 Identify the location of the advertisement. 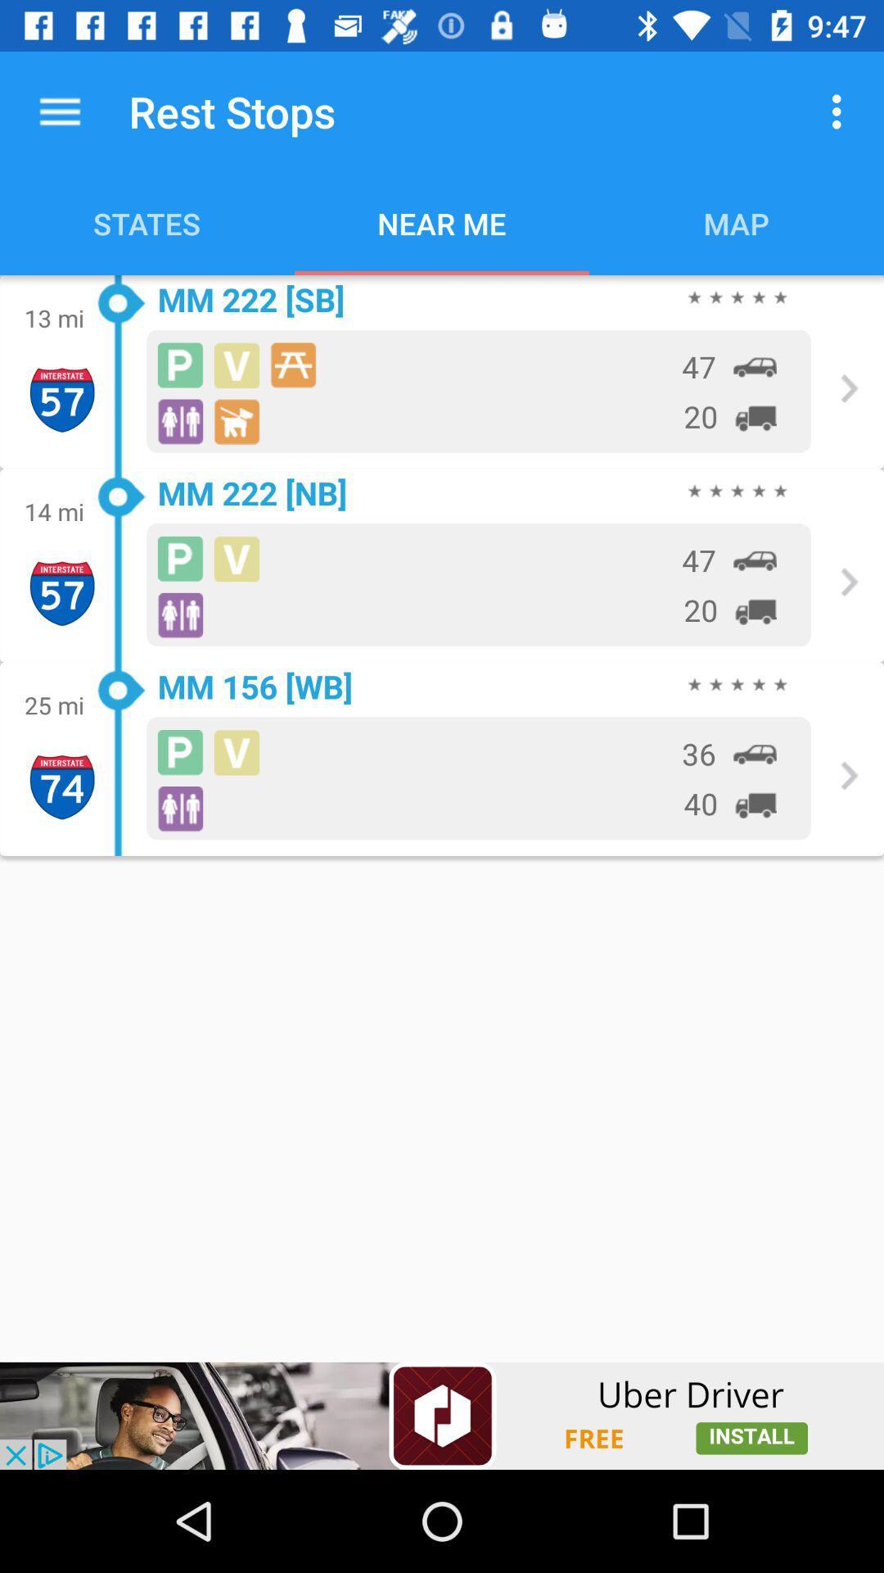
(442, 1415).